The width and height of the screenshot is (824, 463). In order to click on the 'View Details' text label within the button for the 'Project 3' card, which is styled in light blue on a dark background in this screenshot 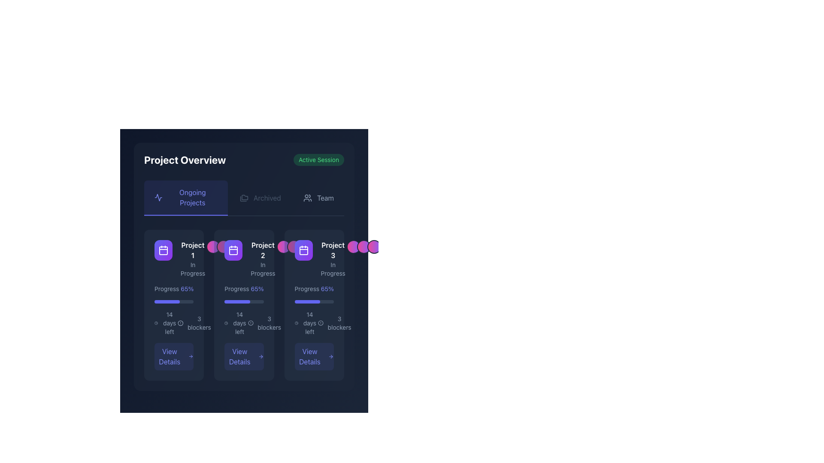, I will do `click(309, 357)`.